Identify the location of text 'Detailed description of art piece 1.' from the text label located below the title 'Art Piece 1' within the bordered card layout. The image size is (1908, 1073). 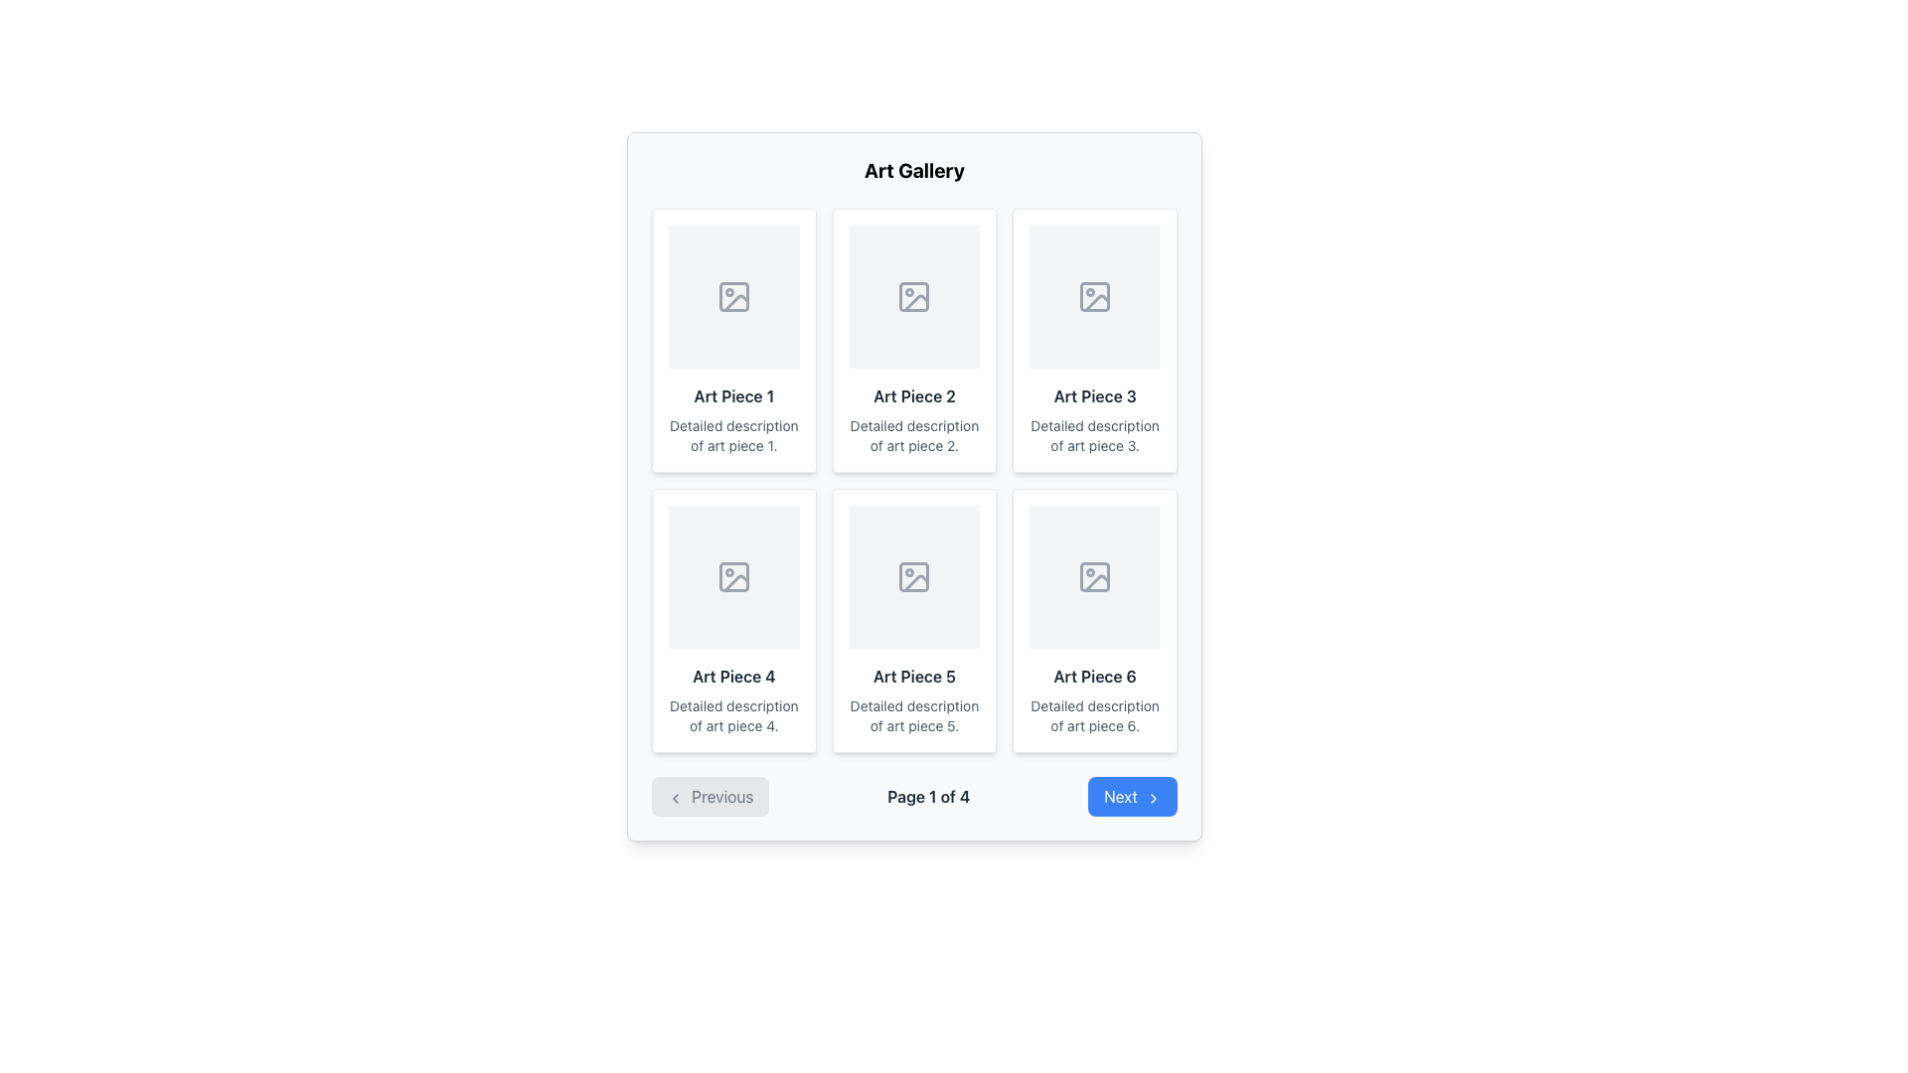
(732, 435).